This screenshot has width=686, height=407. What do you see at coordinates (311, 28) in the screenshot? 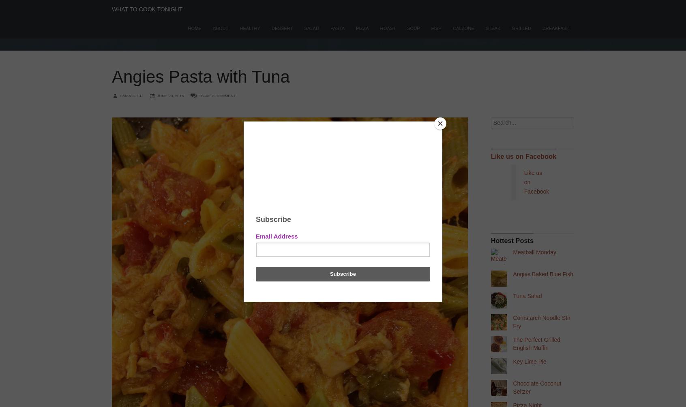
I see `'salad'` at bounding box center [311, 28].